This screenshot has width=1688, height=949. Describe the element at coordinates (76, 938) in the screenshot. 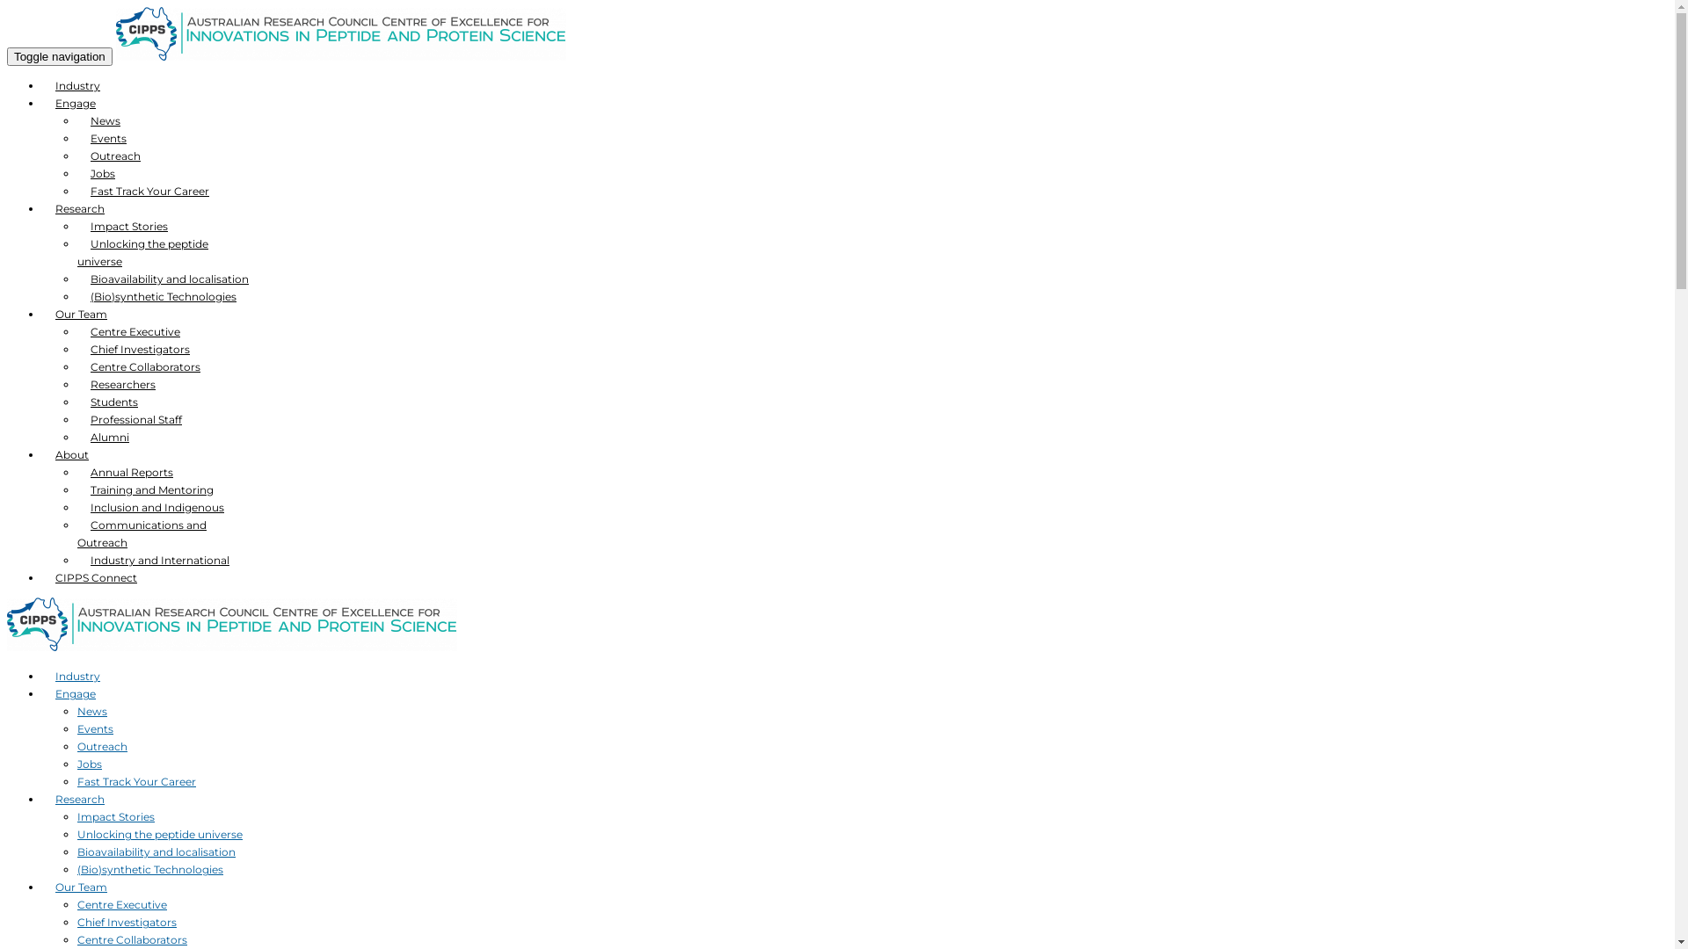

I see `'Centre Collaborators'` at that location.